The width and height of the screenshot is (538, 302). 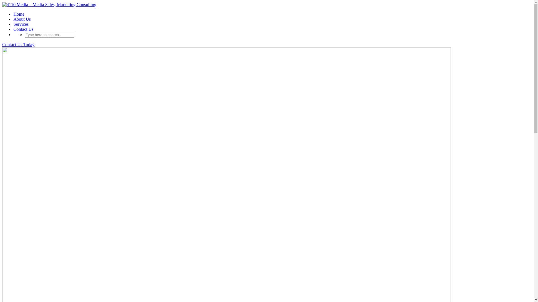 I want to click on 'Contact Us', so click(x=23, y=29).